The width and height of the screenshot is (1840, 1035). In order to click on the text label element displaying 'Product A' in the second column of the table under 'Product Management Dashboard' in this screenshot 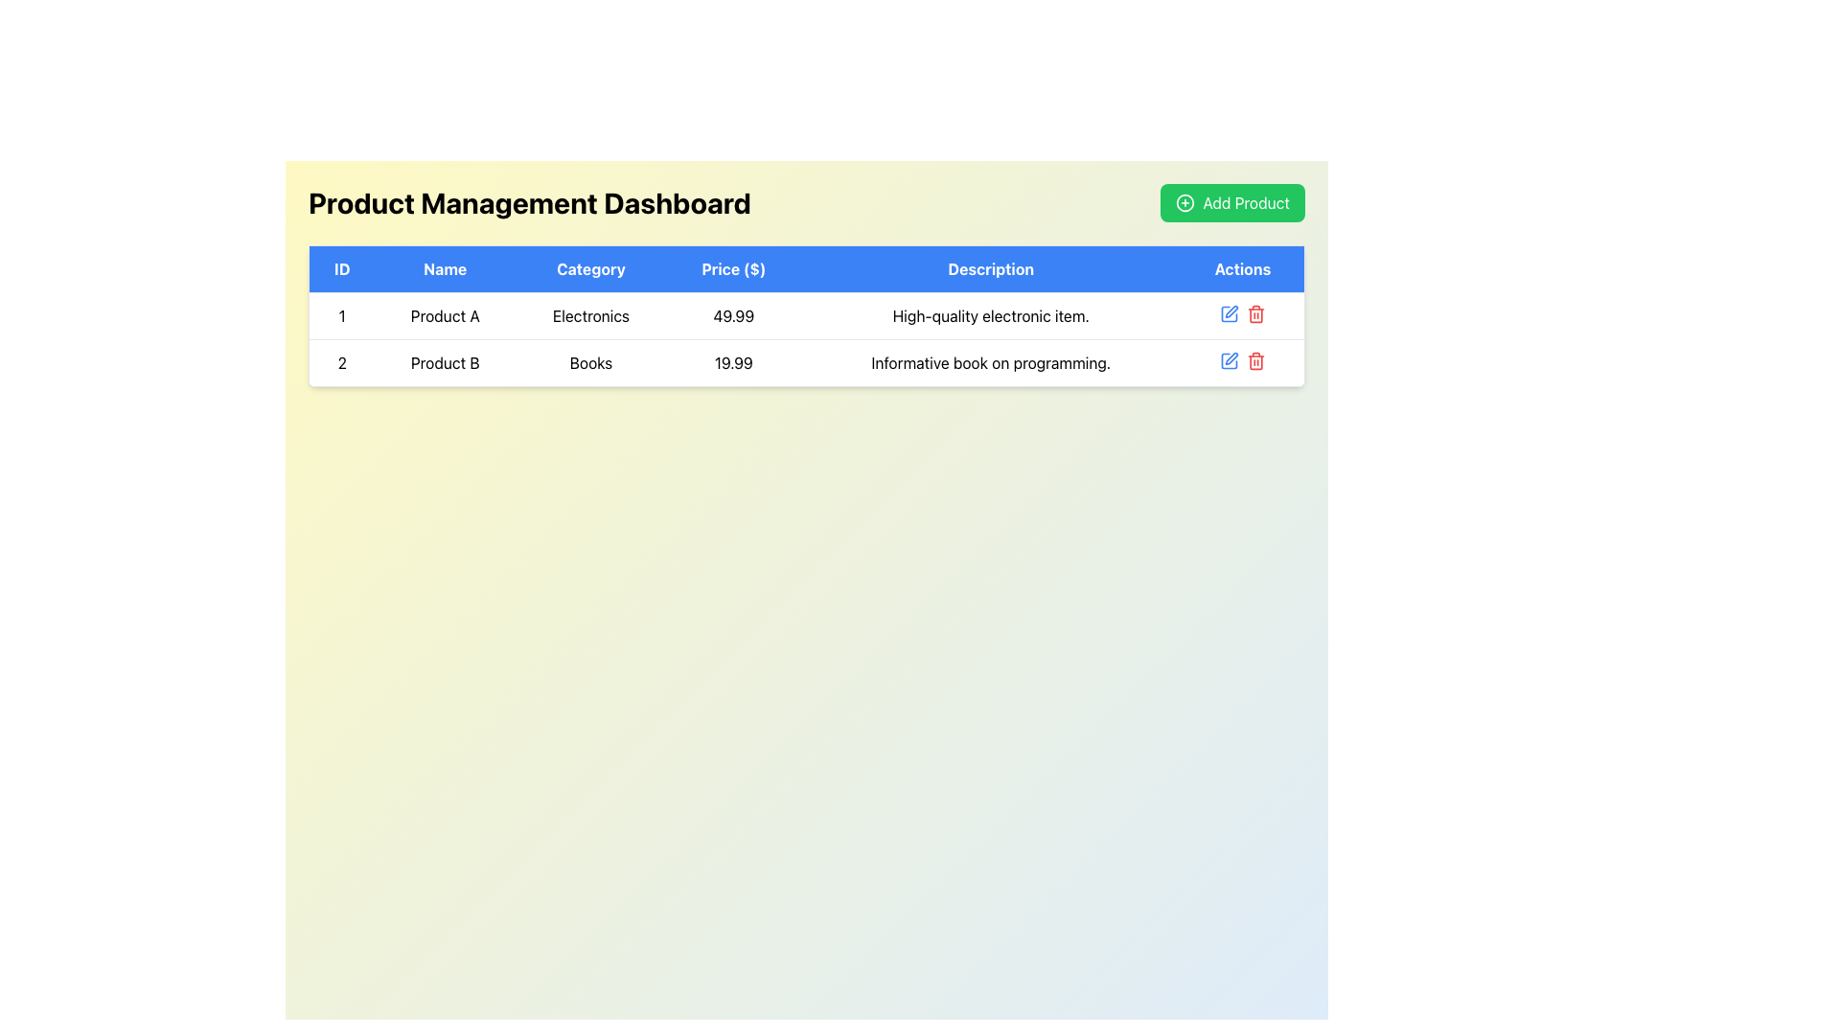, I will do `click(444, 315)`.